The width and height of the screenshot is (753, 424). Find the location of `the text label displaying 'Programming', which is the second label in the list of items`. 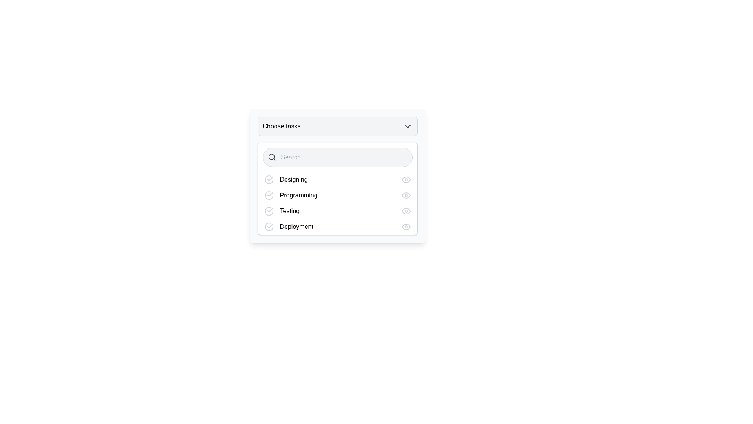

the text label displaying 'Programming', which is the second label in the list of items is located at coordinates (298, 195).